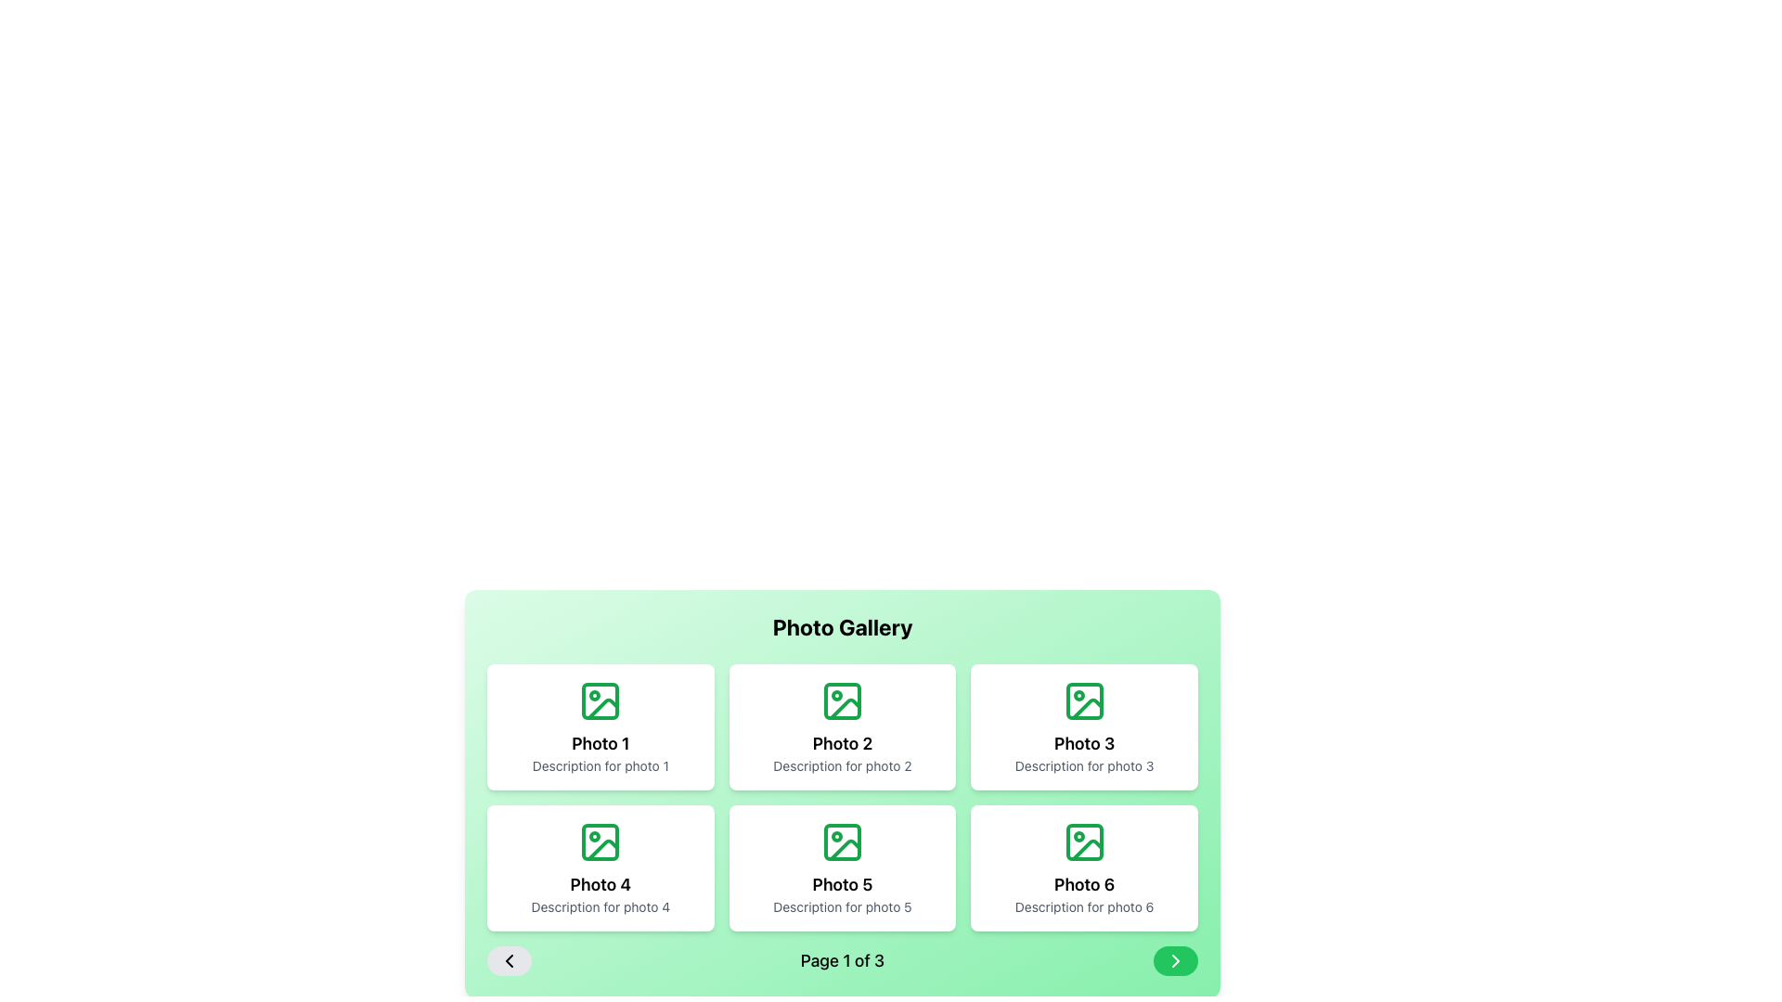 The image size is (1782, 1002). Describe the element at coordinates (1084, 841) in the screenshot. I see `the structural decorative rectangle element within the 'Photo 6' SVG icon in the bottom-right corner of the grid layout` at that location.